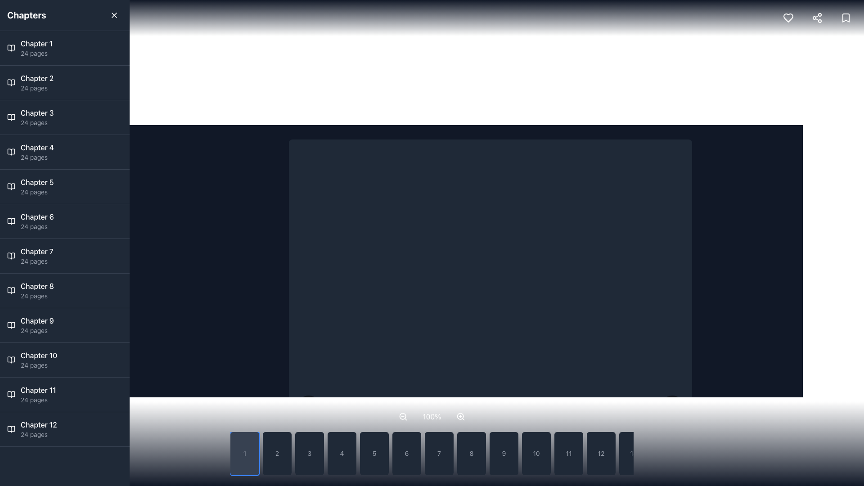  Describe the element at coordinates (114, 15) in the screenshot. I see `the close button located in the top-right corner of the 'Chapters' header section` at that location.